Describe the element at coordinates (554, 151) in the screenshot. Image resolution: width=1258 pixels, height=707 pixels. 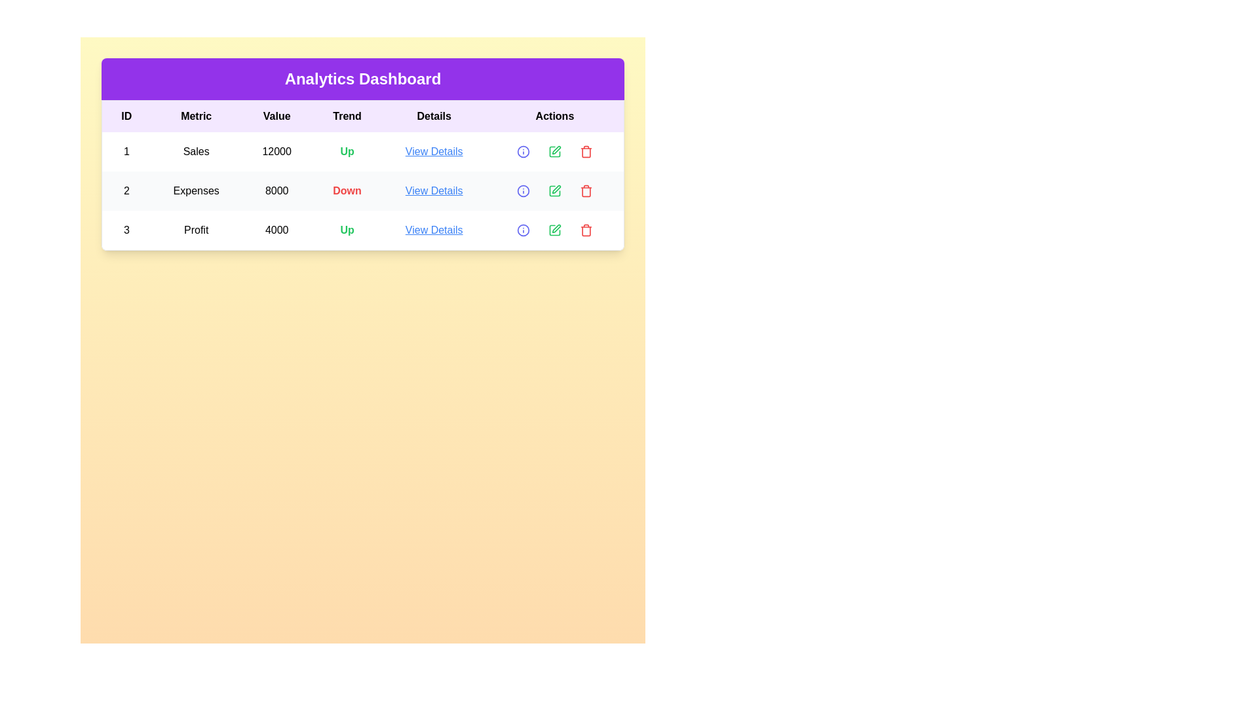
I see `the second button in the Actions column of the first row in the table to initiate editing` at that location.